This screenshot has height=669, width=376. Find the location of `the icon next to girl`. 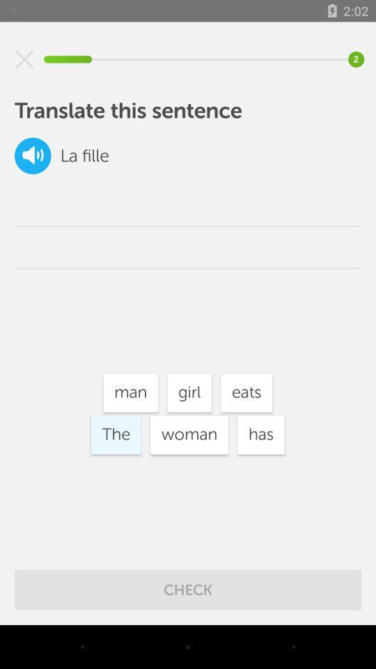

the icon next to girl is located at coordinates (130, 393).